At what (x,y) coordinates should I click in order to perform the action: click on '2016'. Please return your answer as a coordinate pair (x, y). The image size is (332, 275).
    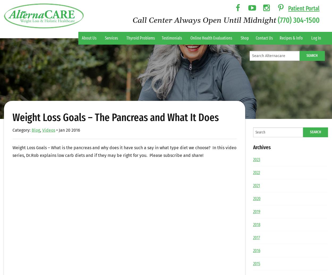
    Looking at the image, I should click on (253, 250).